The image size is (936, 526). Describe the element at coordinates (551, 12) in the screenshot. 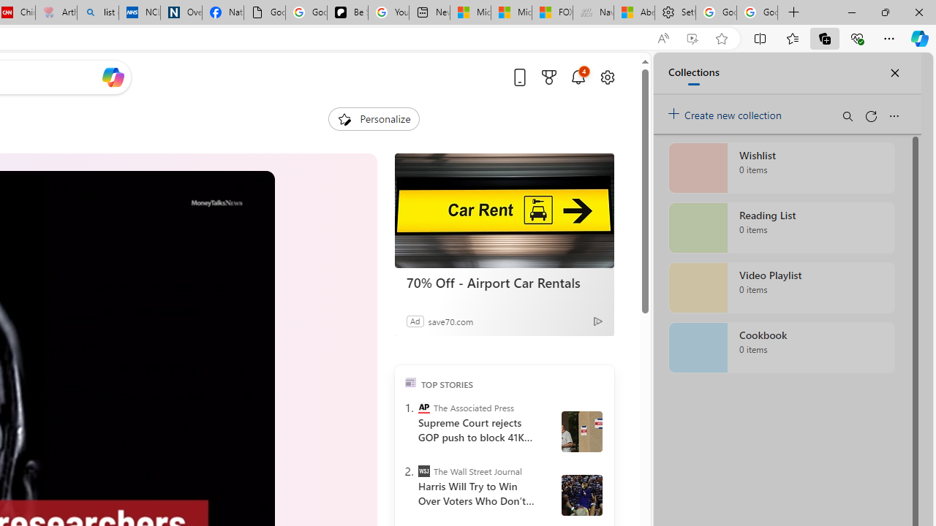

I see `'FOX News - MSN'` at that location.